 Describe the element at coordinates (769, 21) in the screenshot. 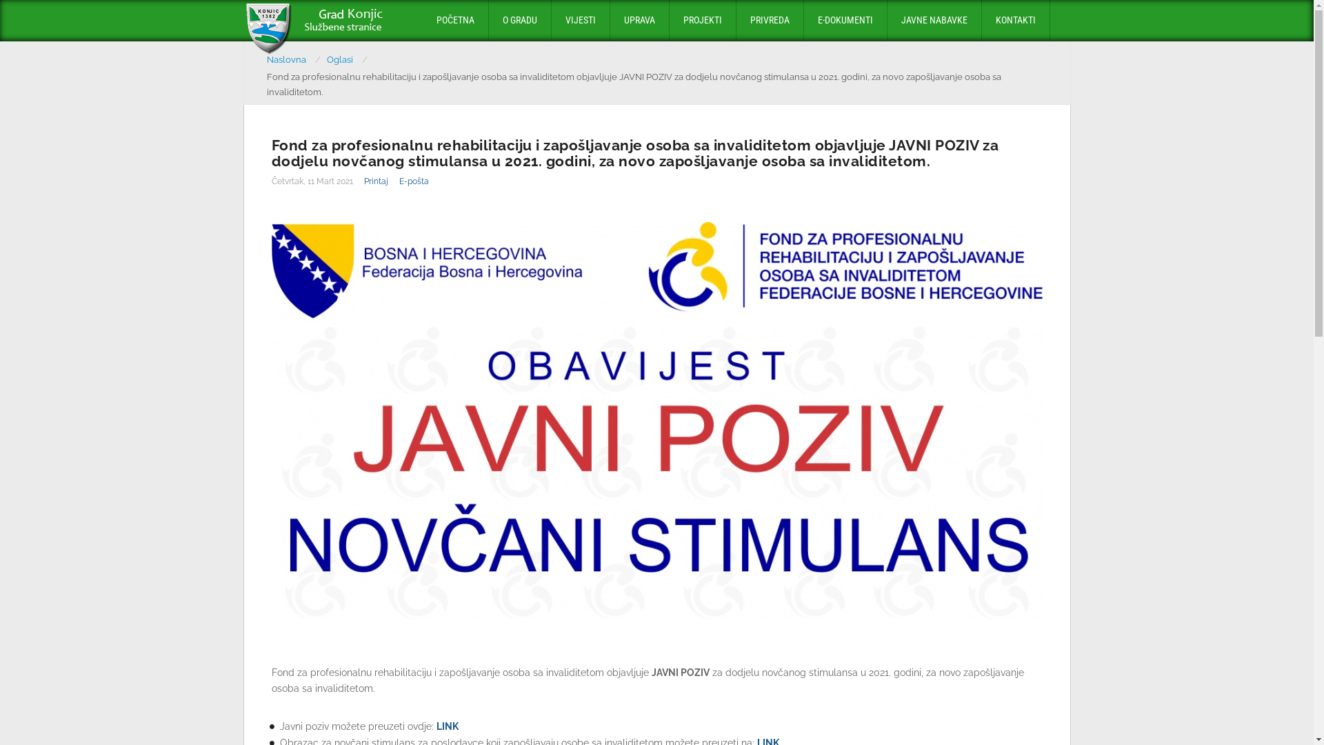

I see `'PRIVREDA'` at that location.